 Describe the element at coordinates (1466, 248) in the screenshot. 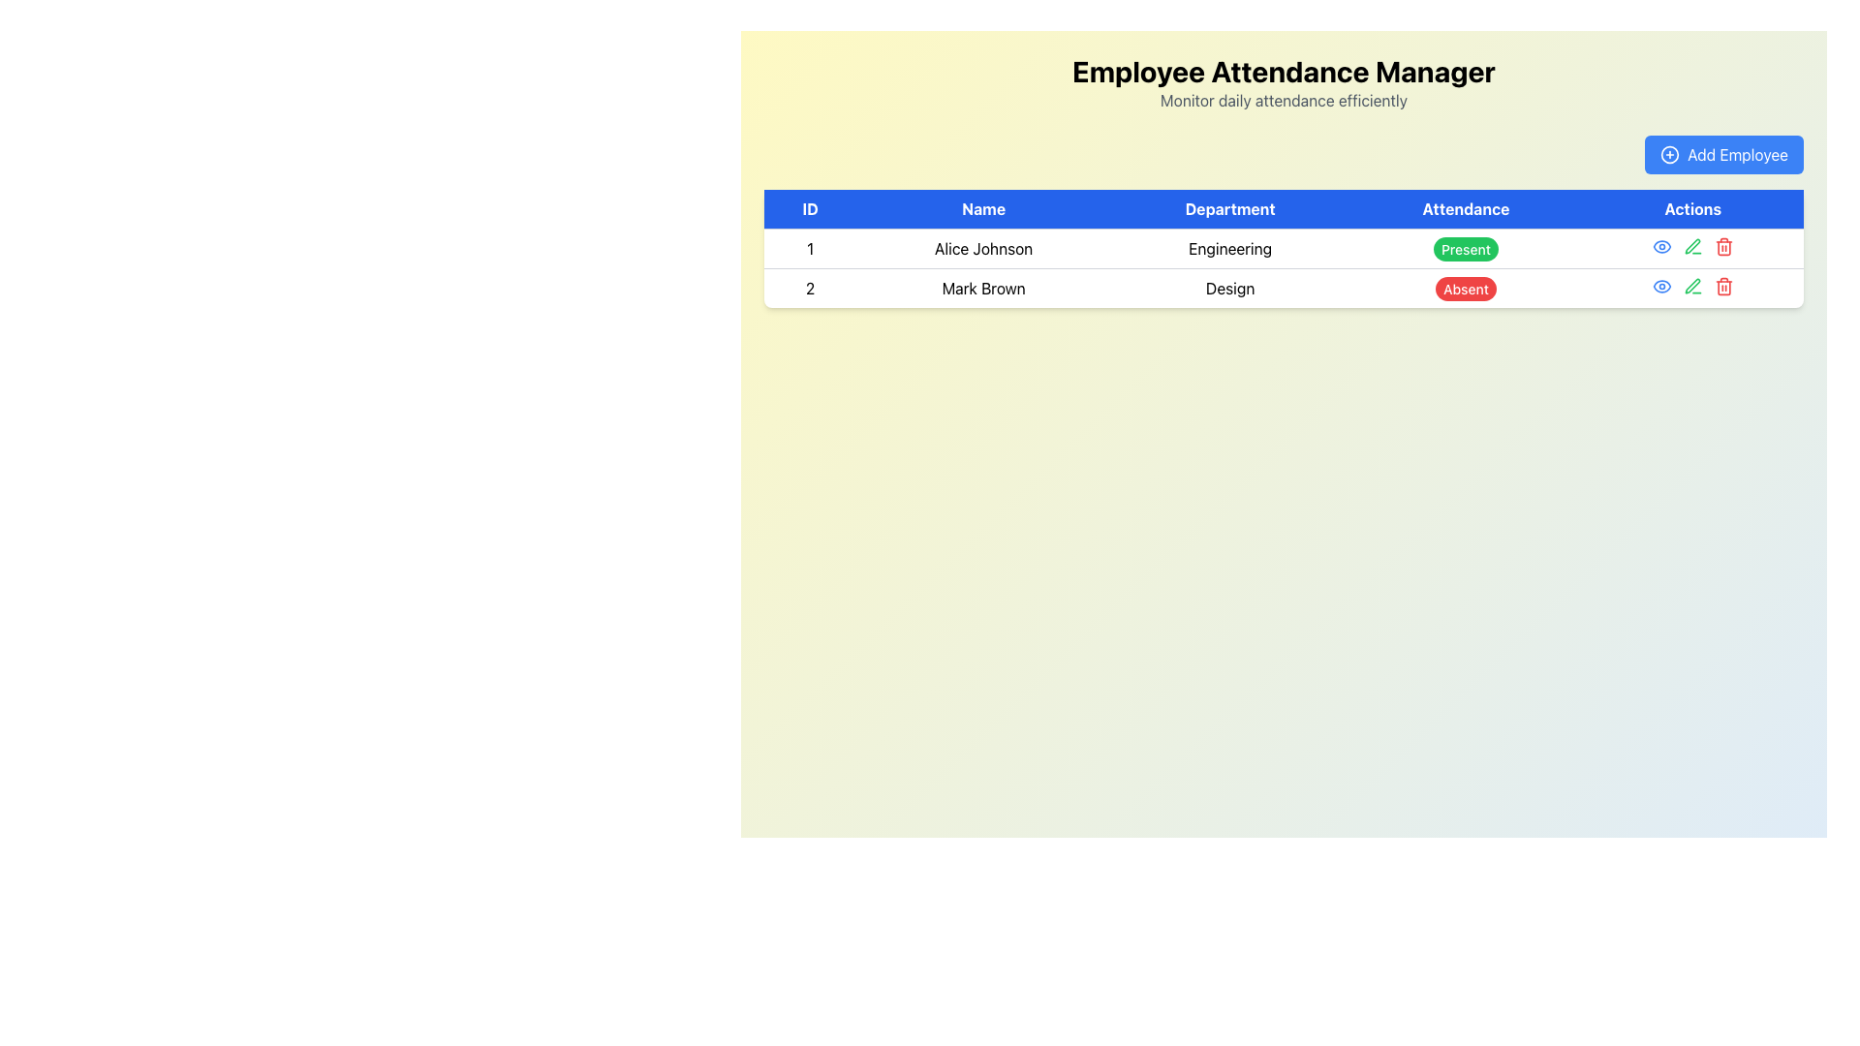

I see `the rounded rectangular badge with a bright green background and white bold text displaying 'Present', located in the first row of the 'Attendance' column for 'Alice Johnson' in the 'Engineering' department` at that location.